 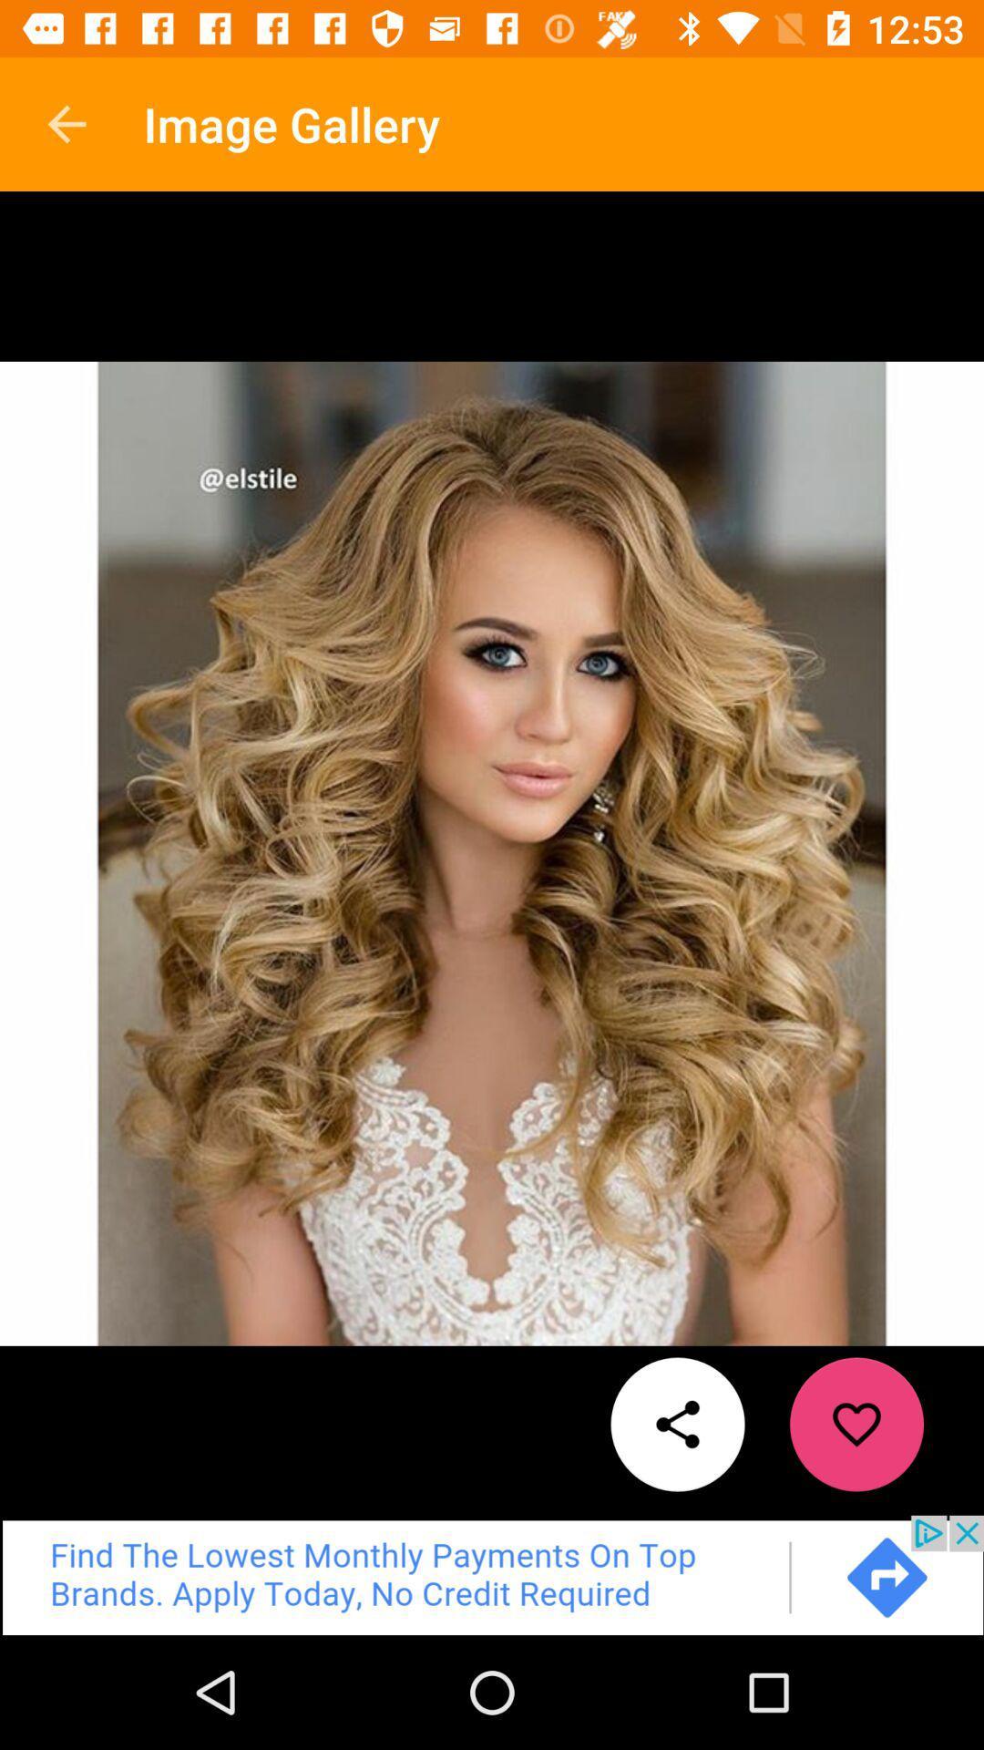 What do you see at coordinates (678, 1424) in the screenshot?
I see `share image` at bounding box center [678, 1424].